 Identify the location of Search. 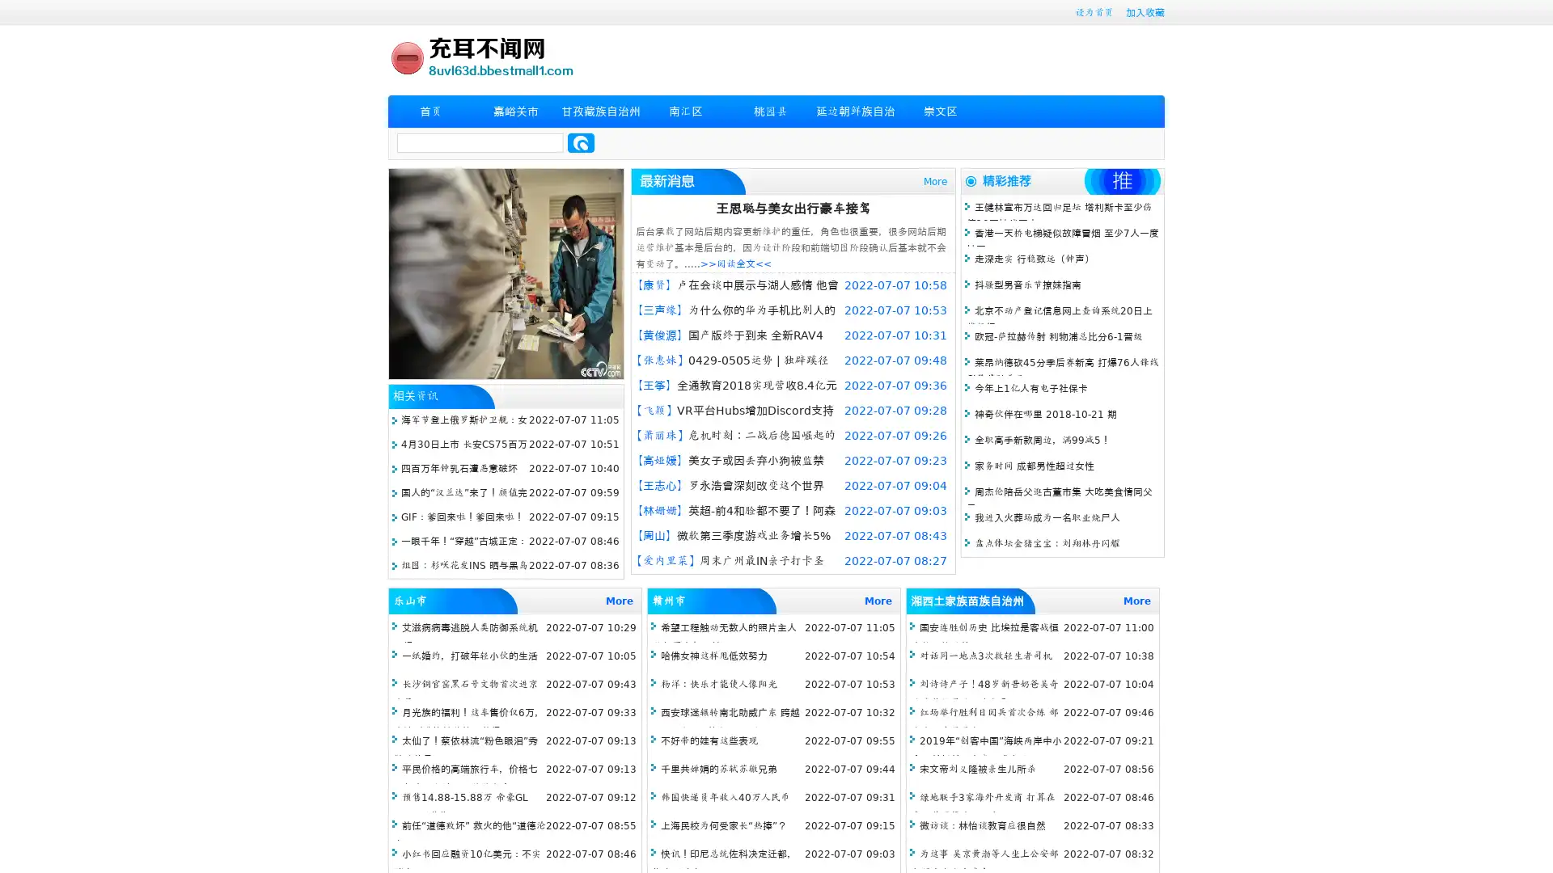
(581, 142).